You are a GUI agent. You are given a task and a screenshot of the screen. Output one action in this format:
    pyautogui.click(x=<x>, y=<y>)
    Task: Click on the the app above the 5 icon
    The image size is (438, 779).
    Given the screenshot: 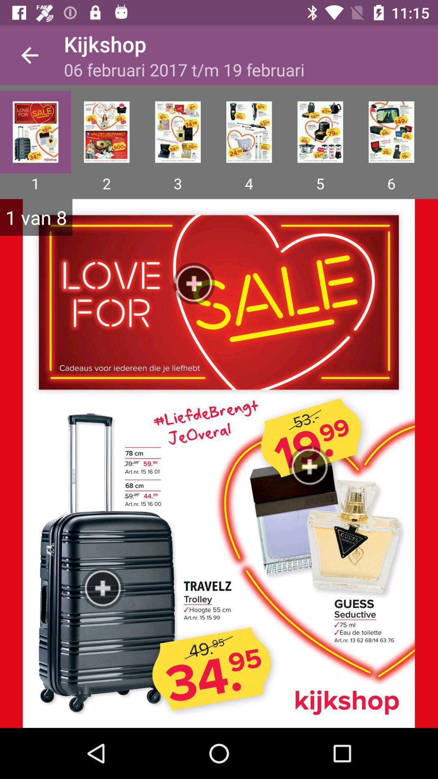 What is the action you would take?
    pyautogui.click(x=320, y=132)
    